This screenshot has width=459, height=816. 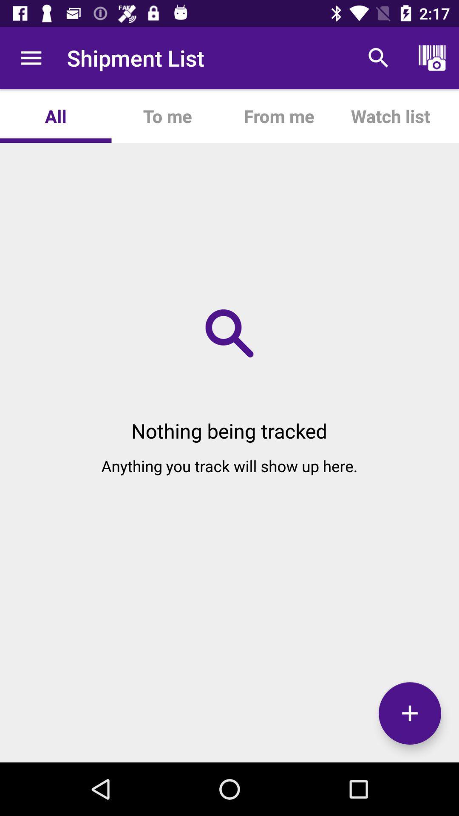 I want to click on app next to the shipment list, so click(x=31, y=57).